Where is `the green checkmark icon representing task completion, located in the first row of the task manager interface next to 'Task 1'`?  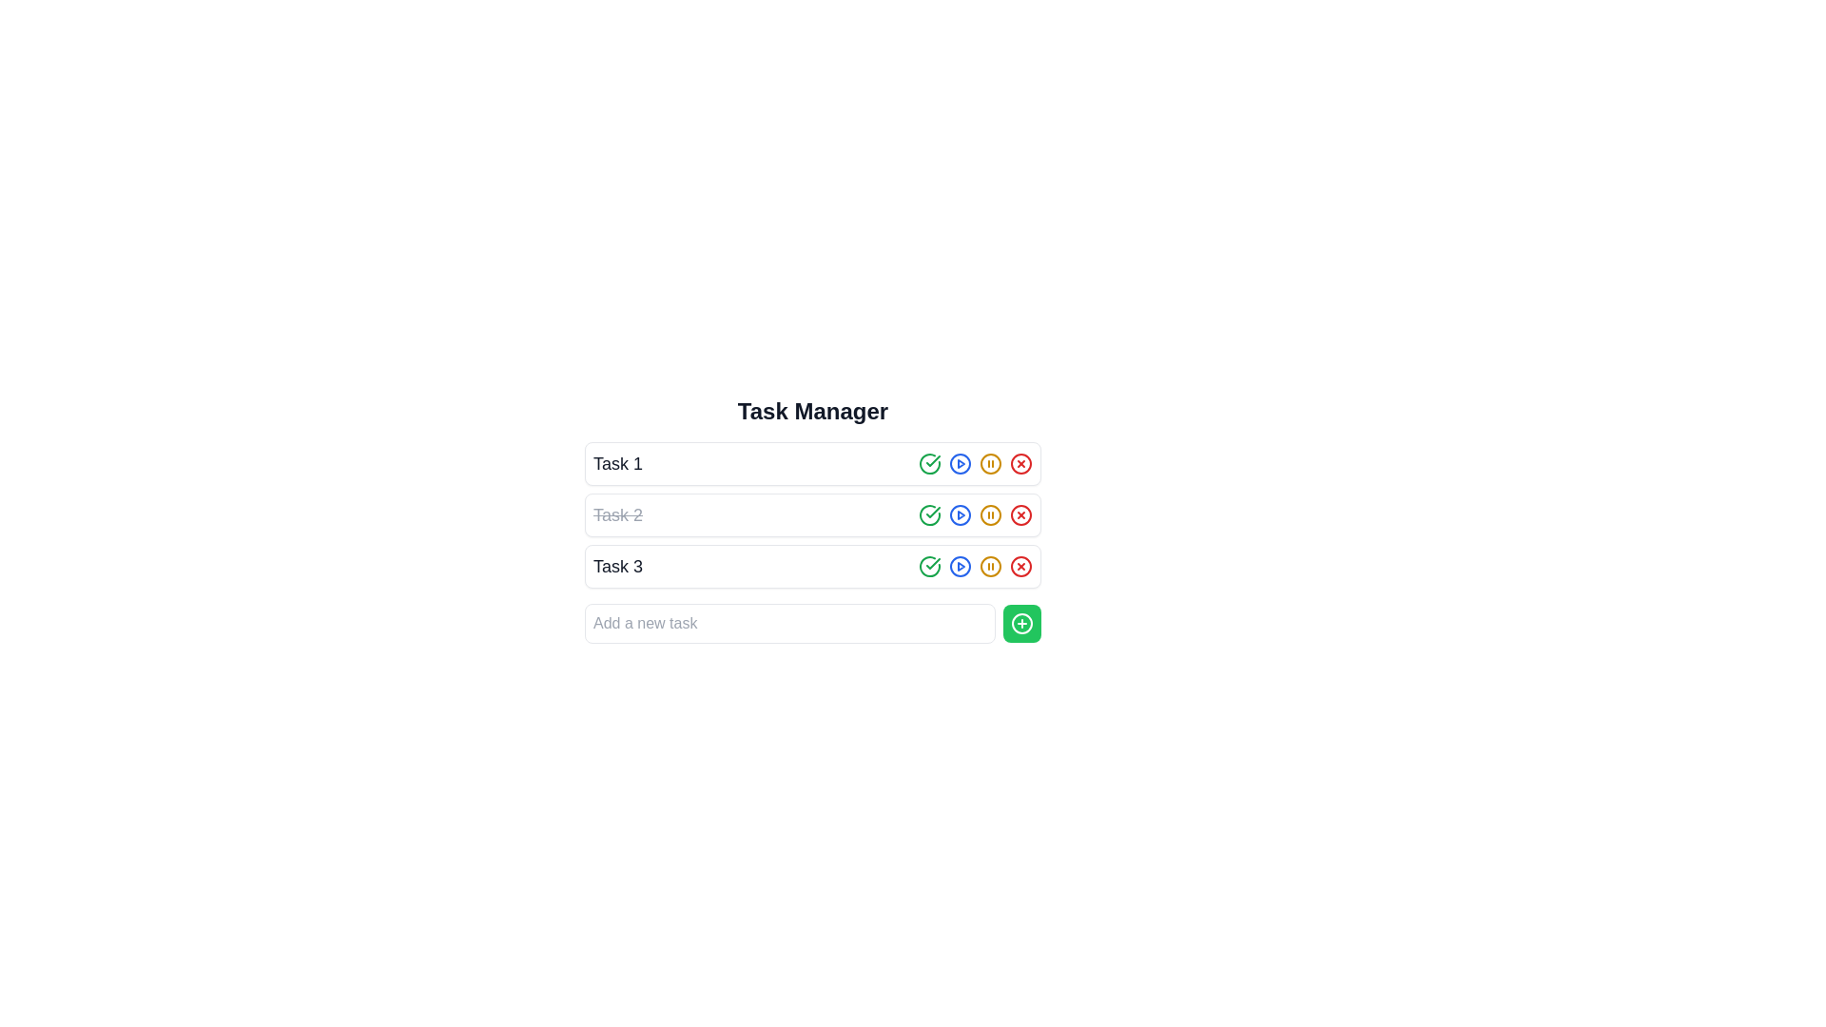 the green checkmark icon representing task completion, located in the first row of the task manager interface next to 'Task 1' is located at coordinates (933, 512).